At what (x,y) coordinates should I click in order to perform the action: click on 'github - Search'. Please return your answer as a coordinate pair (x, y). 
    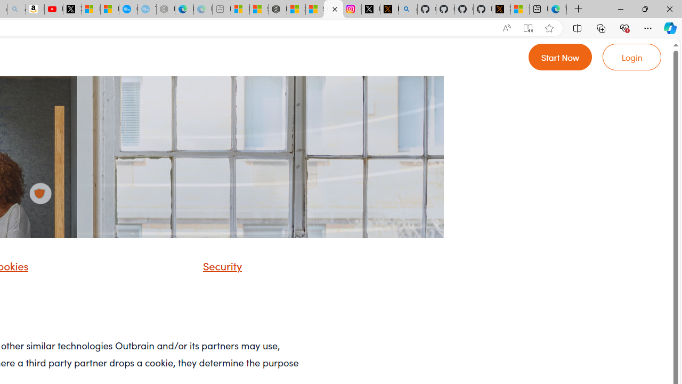
    Looking at the image, I should click on (408, 9).